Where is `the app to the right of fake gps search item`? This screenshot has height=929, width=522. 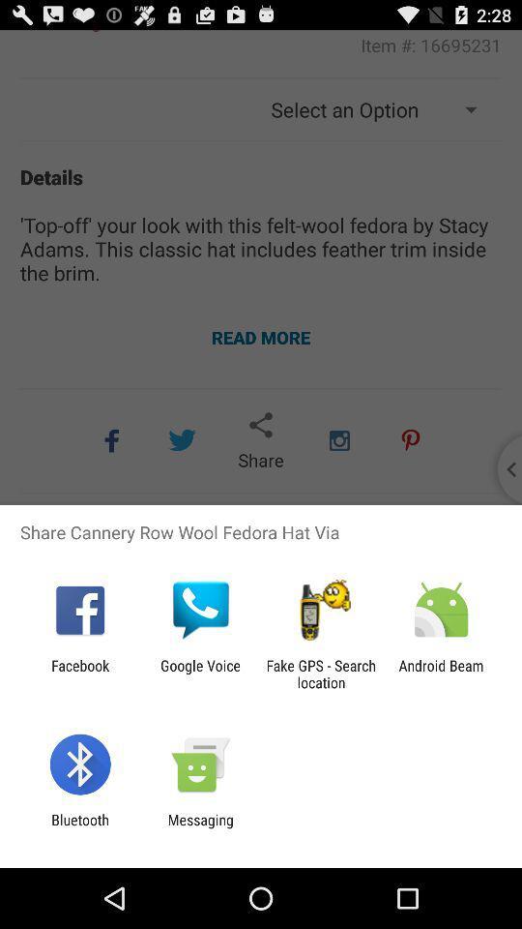 the app to the right of fake gps search item is located at coordinates (441, 674).